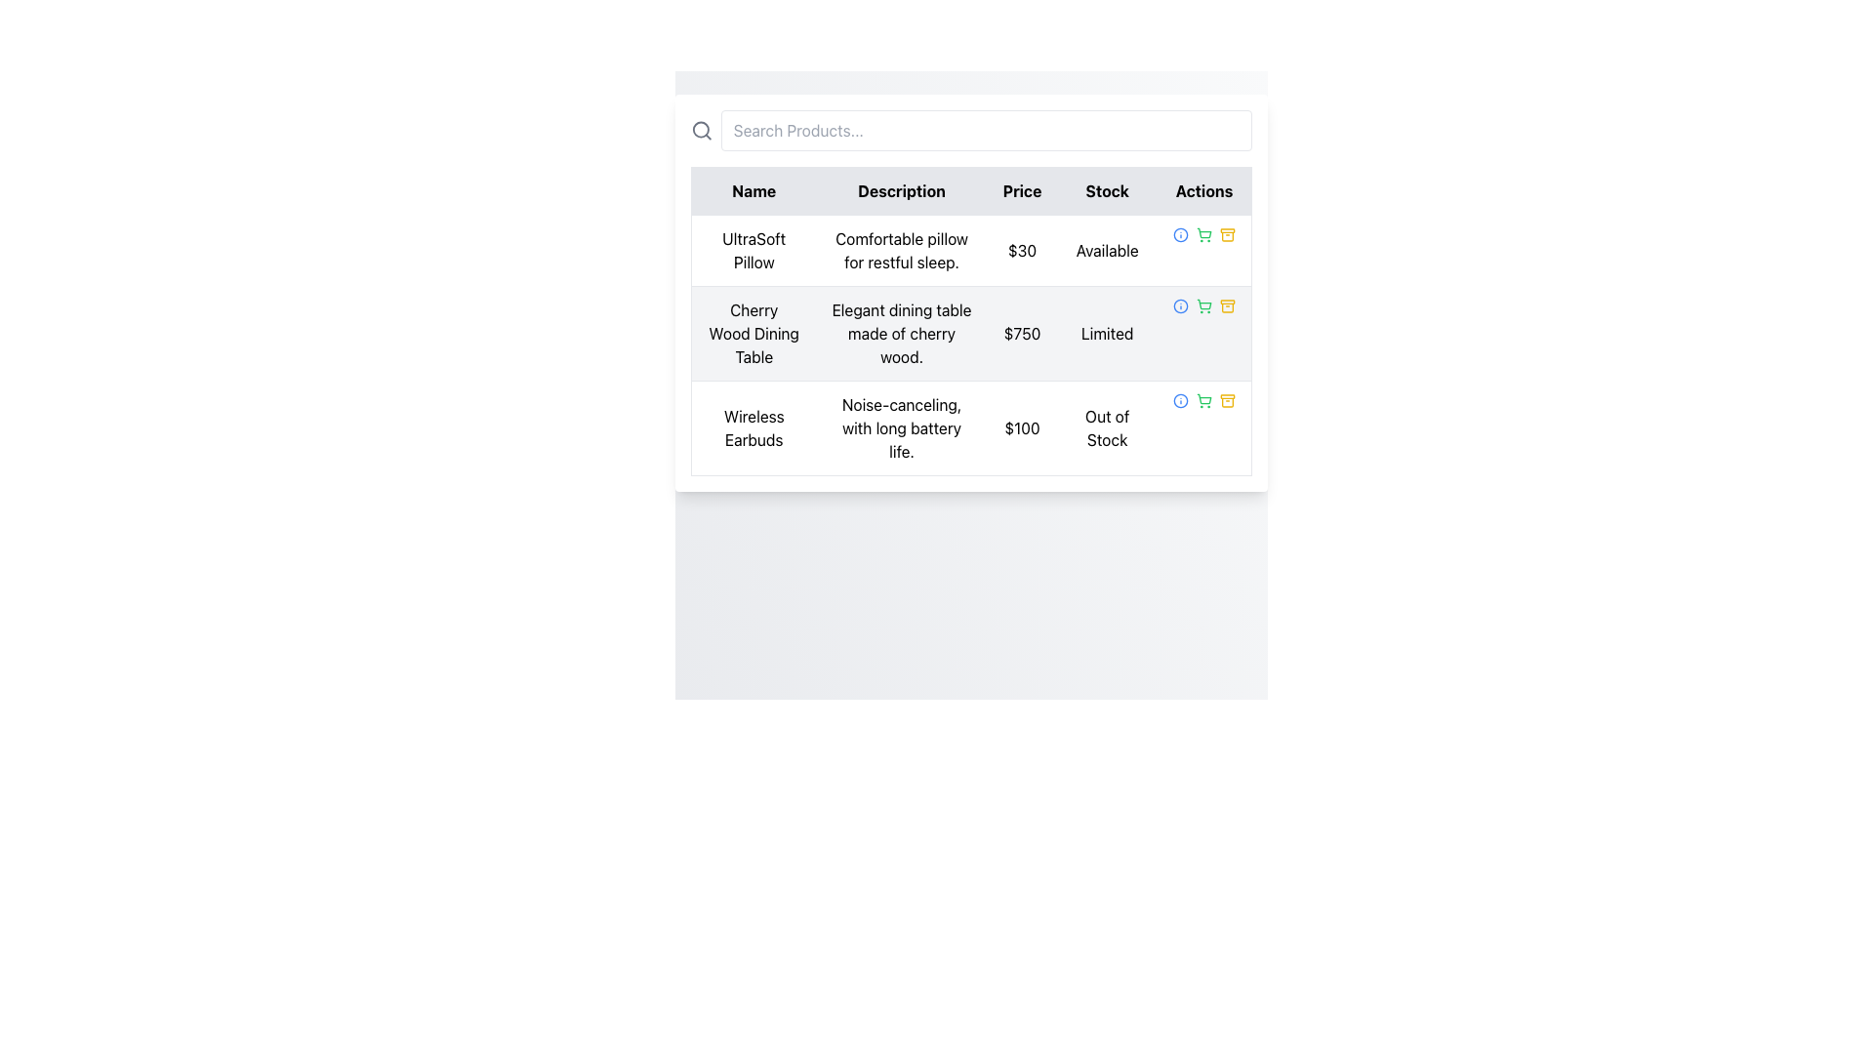 The width and height of the screenshot is (1874, 1054). Describe the element at coordinates (753, 427) in the screenshot. I see `the Static Text element displaying 'Wireless Earbuds', located in the third row under the 'Name' column of the table` at that location.